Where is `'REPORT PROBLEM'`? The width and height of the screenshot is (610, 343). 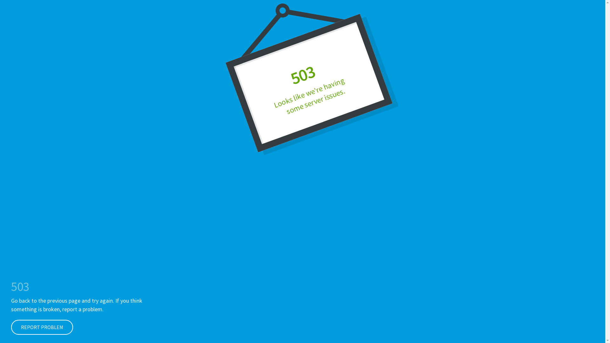
'REPORT PROBLEM' is located at coordinates (11, 327).